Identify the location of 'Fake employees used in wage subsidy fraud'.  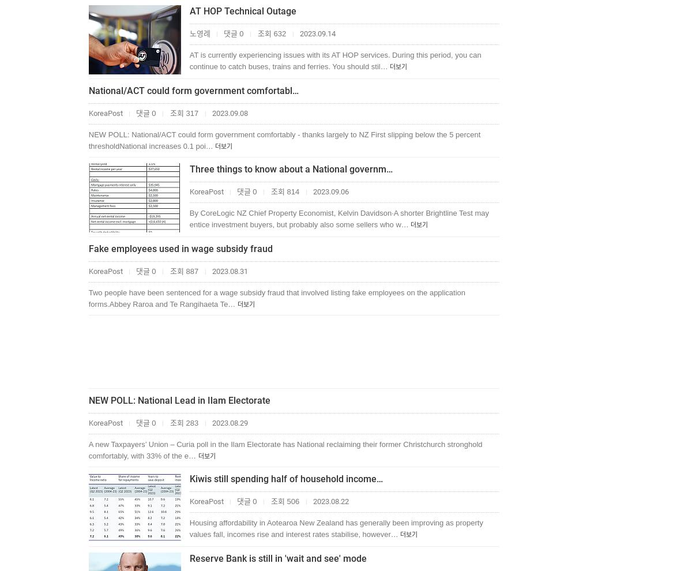
(88, 248).